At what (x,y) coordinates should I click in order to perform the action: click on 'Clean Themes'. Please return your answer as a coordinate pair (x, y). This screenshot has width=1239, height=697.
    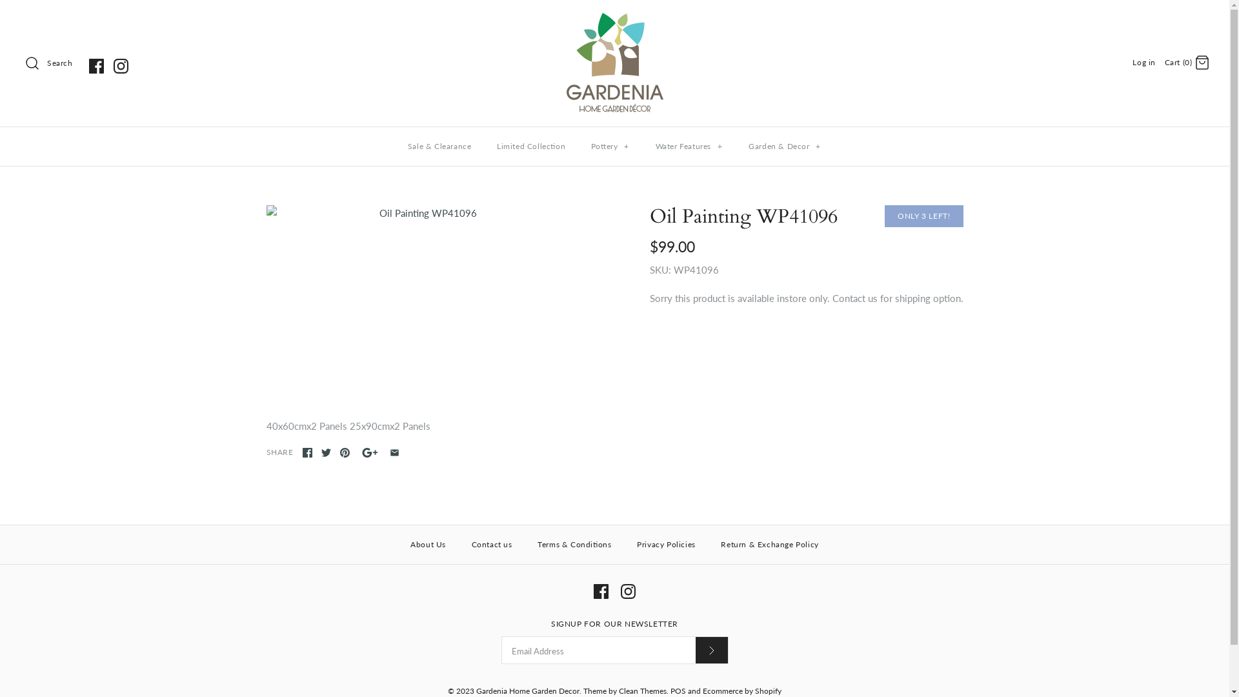
    Looking at the image, I should click on (642, 690).